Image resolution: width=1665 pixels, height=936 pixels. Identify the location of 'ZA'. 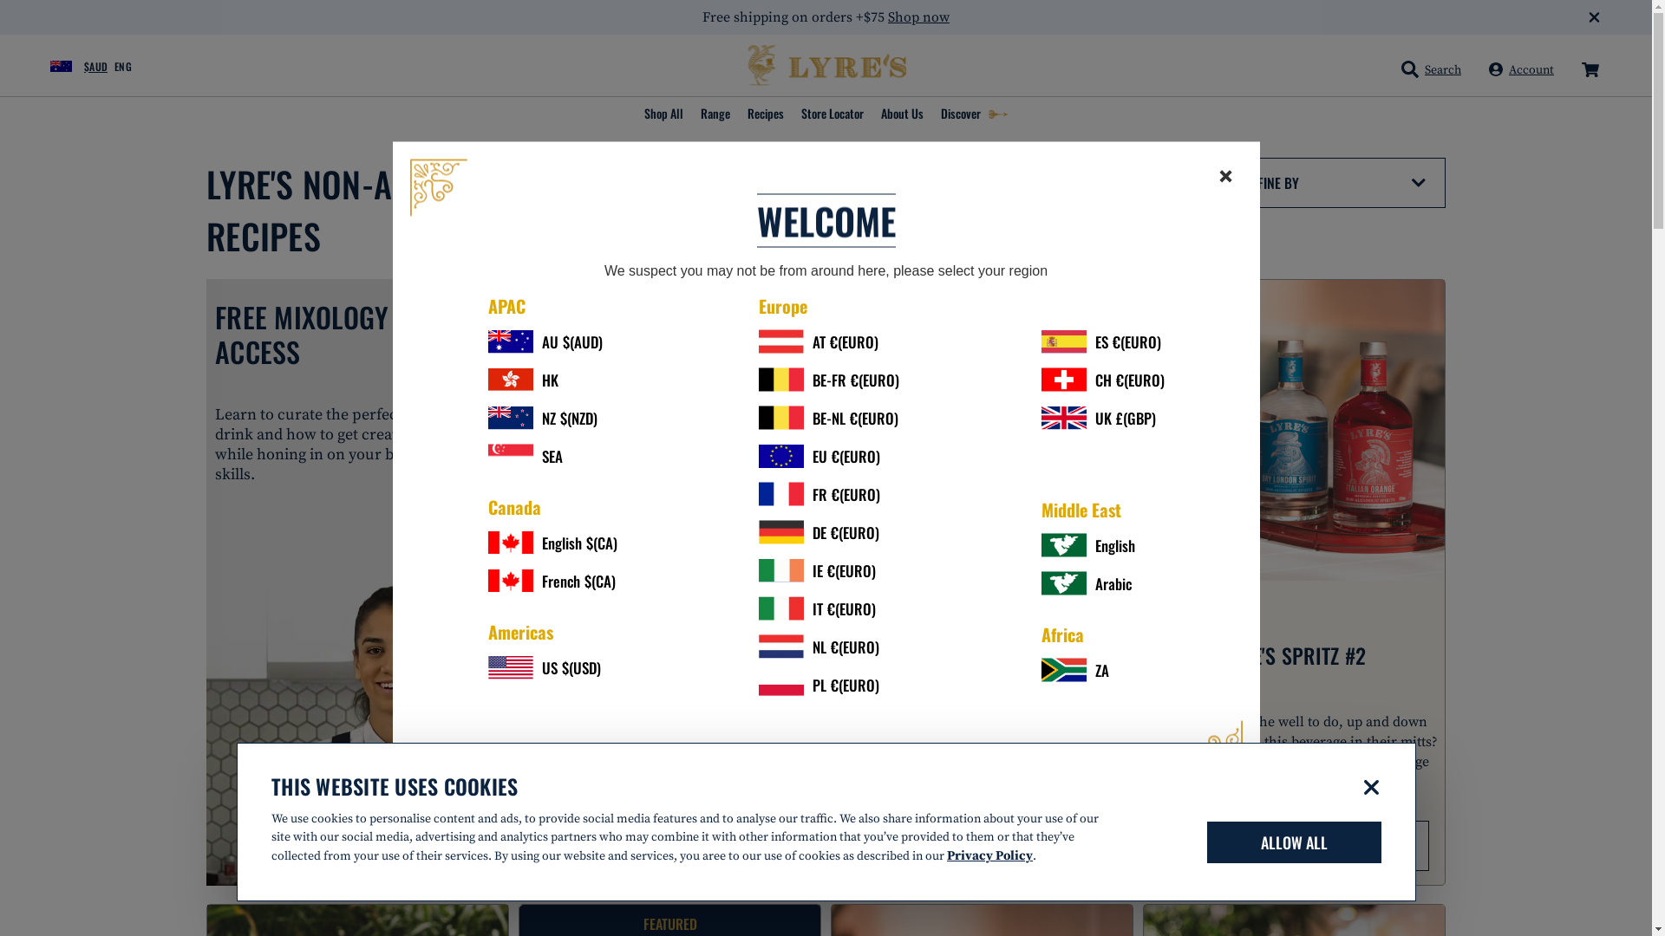
(1101, 669).